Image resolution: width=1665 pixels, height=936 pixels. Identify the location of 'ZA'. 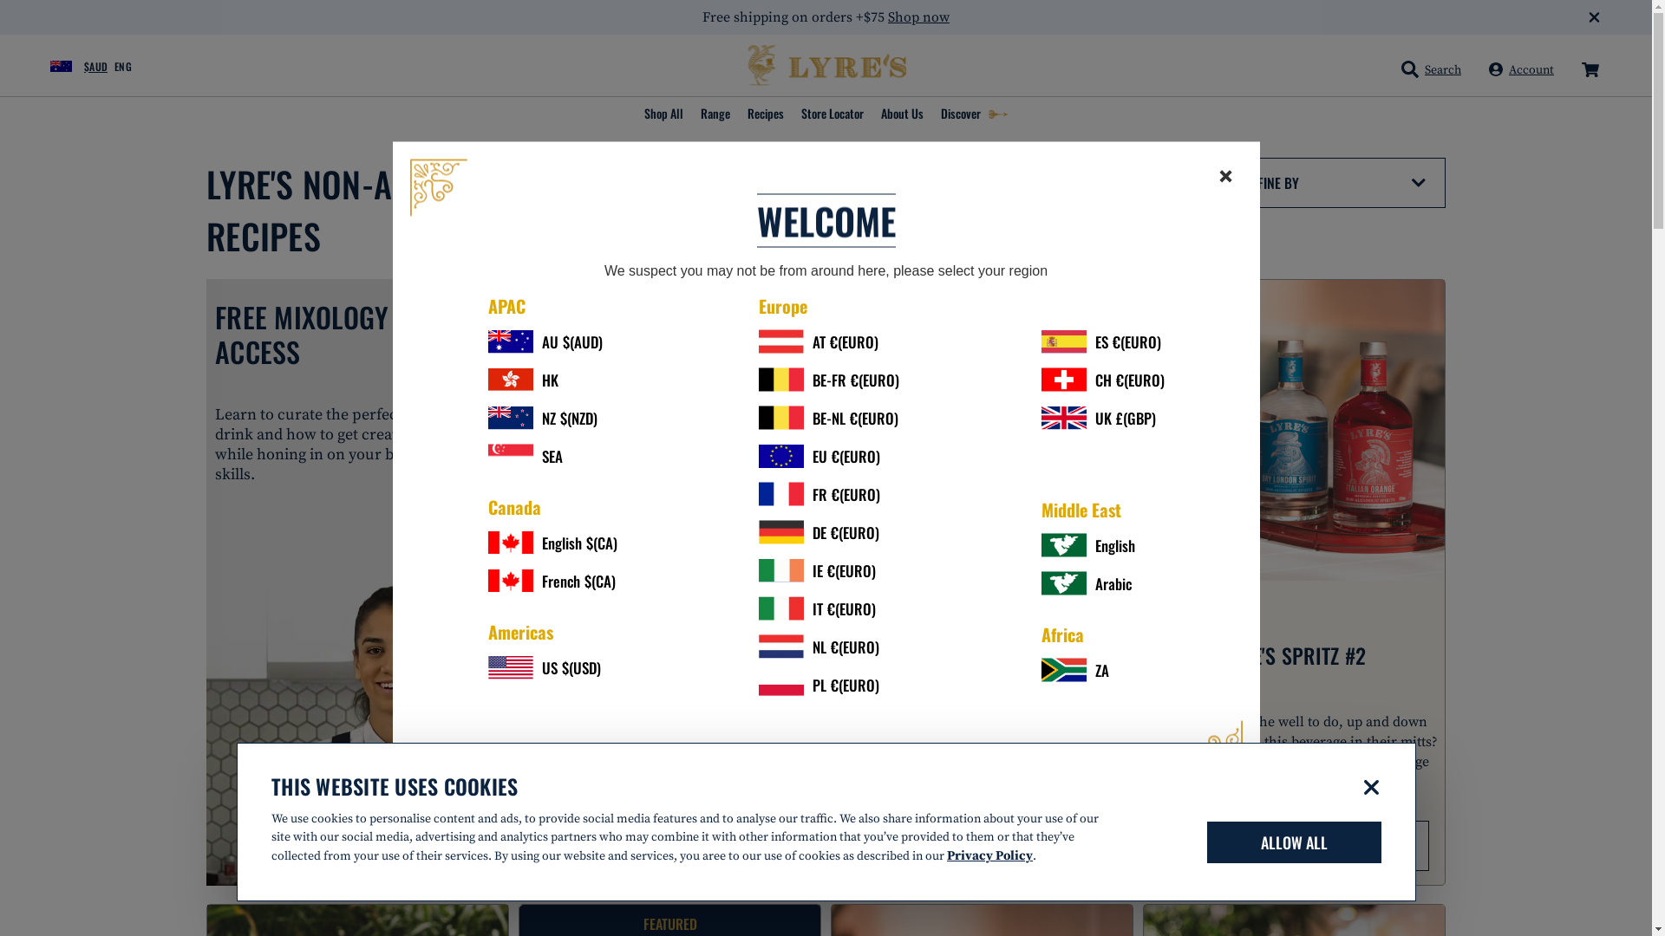
(1101, 669).